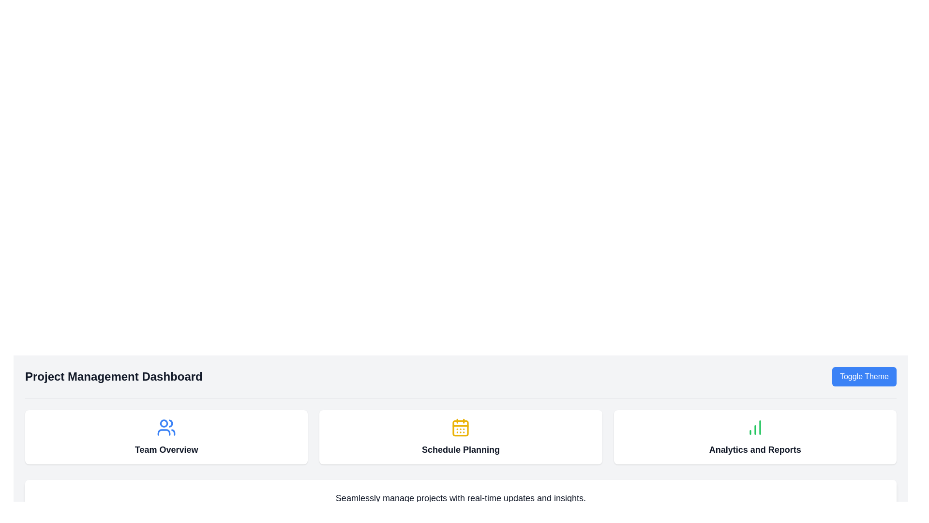  What do you see at coordinates (754, 427) in the screenshot?
I see `the green bar chart icon located` at bounding box center [754, 427].